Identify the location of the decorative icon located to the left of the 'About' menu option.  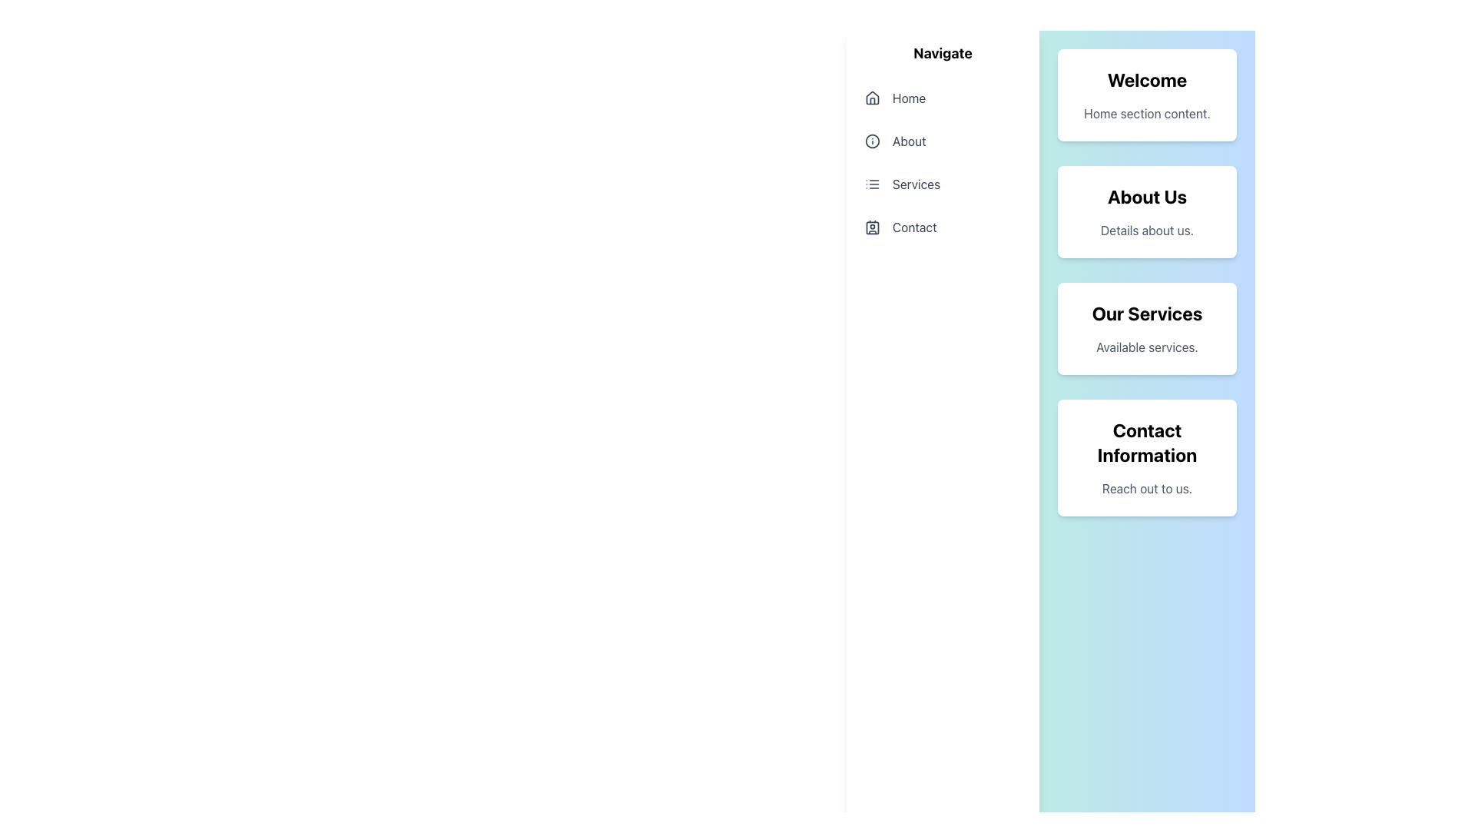
(873, 141).